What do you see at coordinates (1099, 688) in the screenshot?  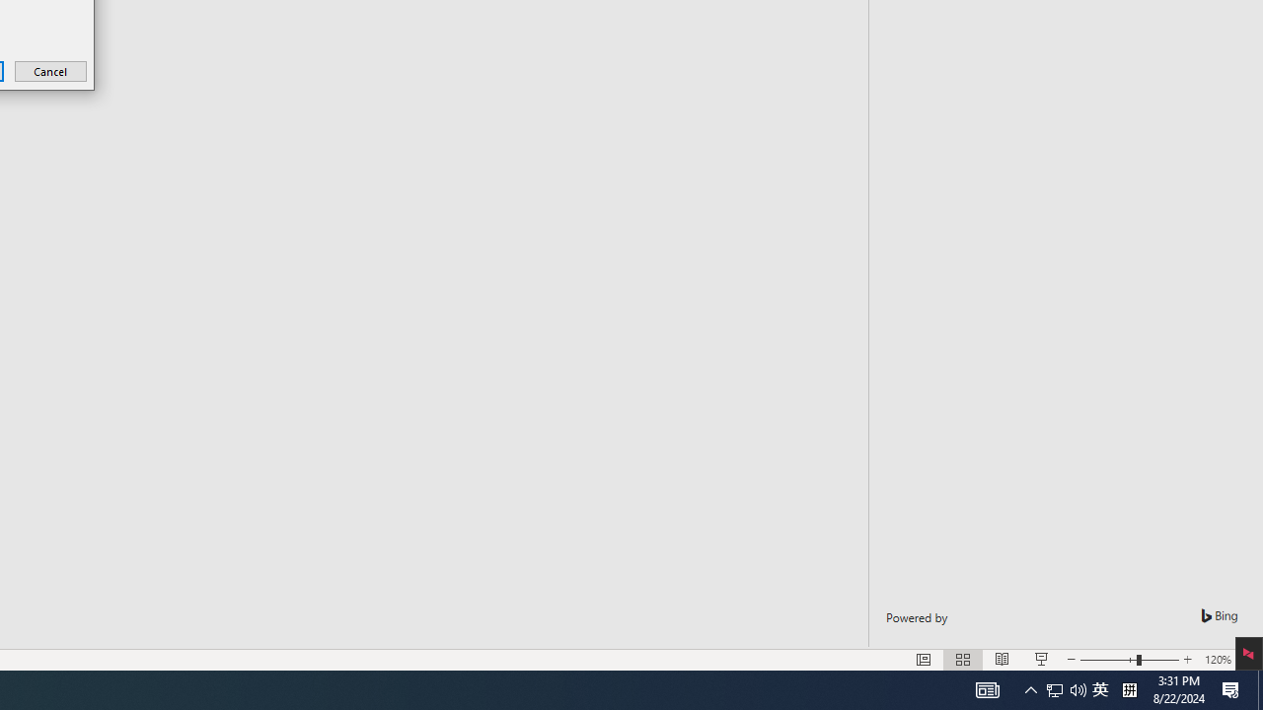 I see `'Tray Input Indicator - Chinese (Simplified, China)'` at bounding box center [1099, 688].